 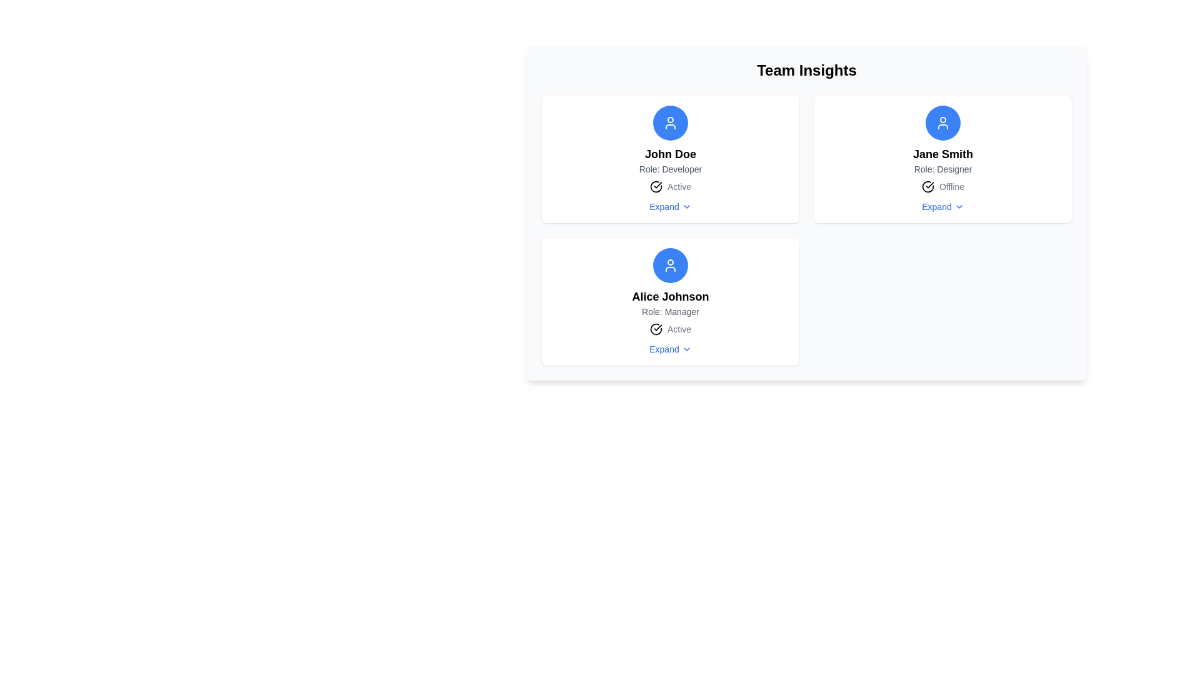 What do you see at coordinates (942, 187) in the screenshot?
I see `status label of the status indicator for 'Jane Smith', which shows that she is currently offline` at bounding box center [942, 187].